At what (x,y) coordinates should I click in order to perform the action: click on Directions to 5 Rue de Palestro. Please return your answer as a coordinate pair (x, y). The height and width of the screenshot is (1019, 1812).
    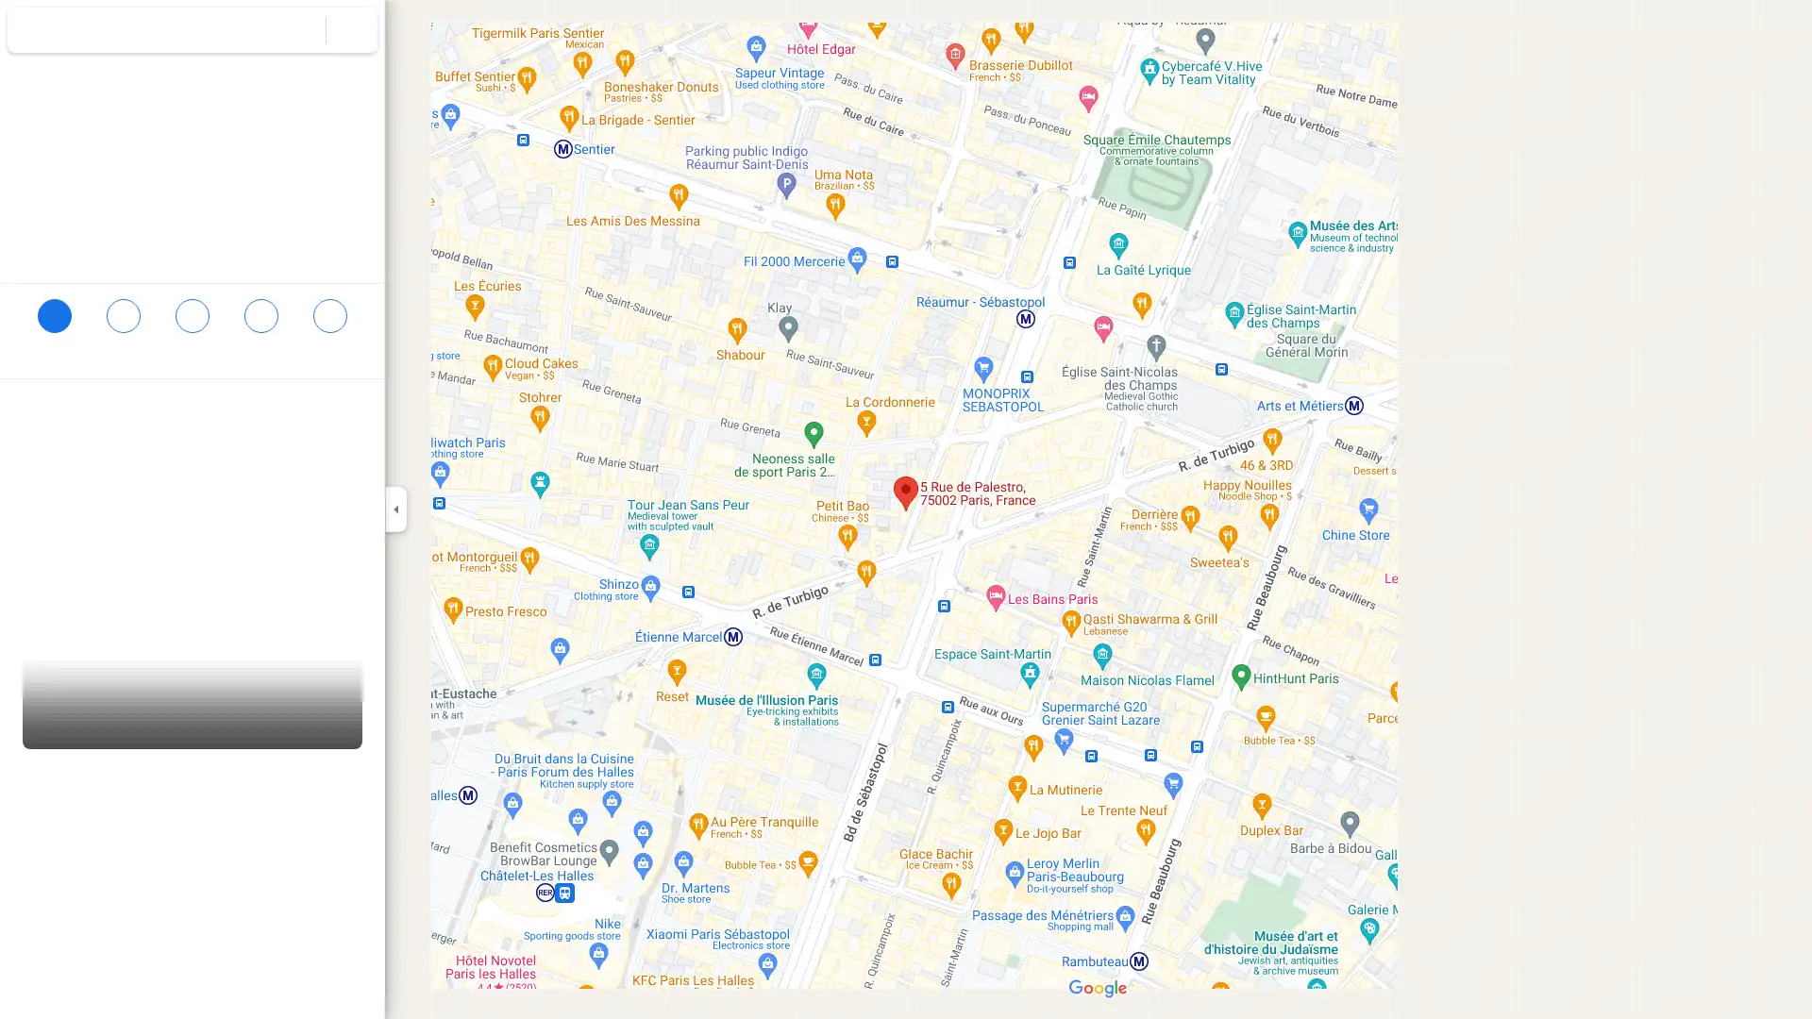
    Looking at the image, I should click on (54, 323).